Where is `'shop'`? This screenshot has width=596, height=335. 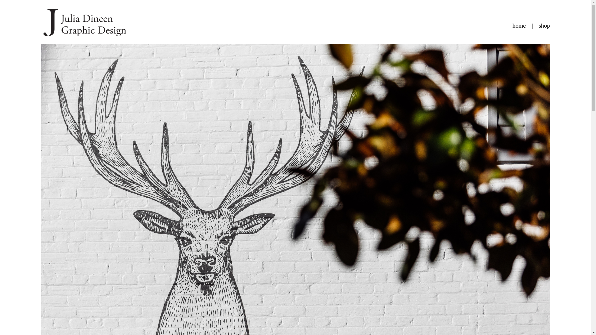 'shop' is located at coordinates (544, 25).